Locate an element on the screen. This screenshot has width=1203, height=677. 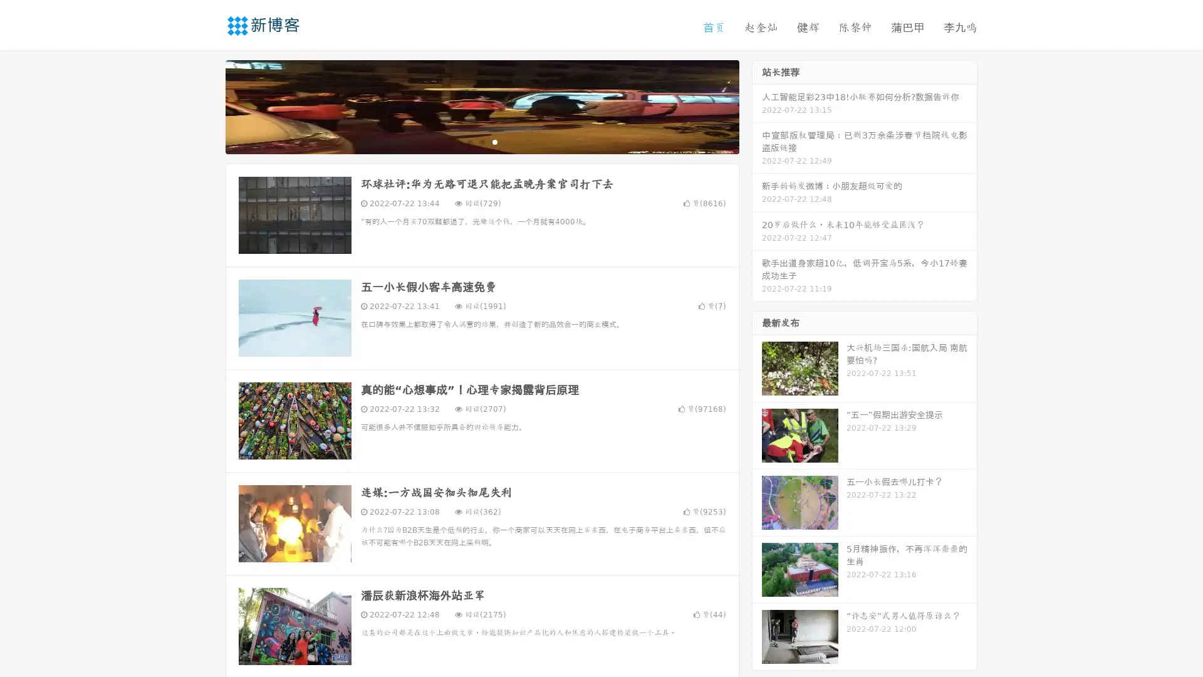
Go to slide 2 is located at coordinates (481, 141).